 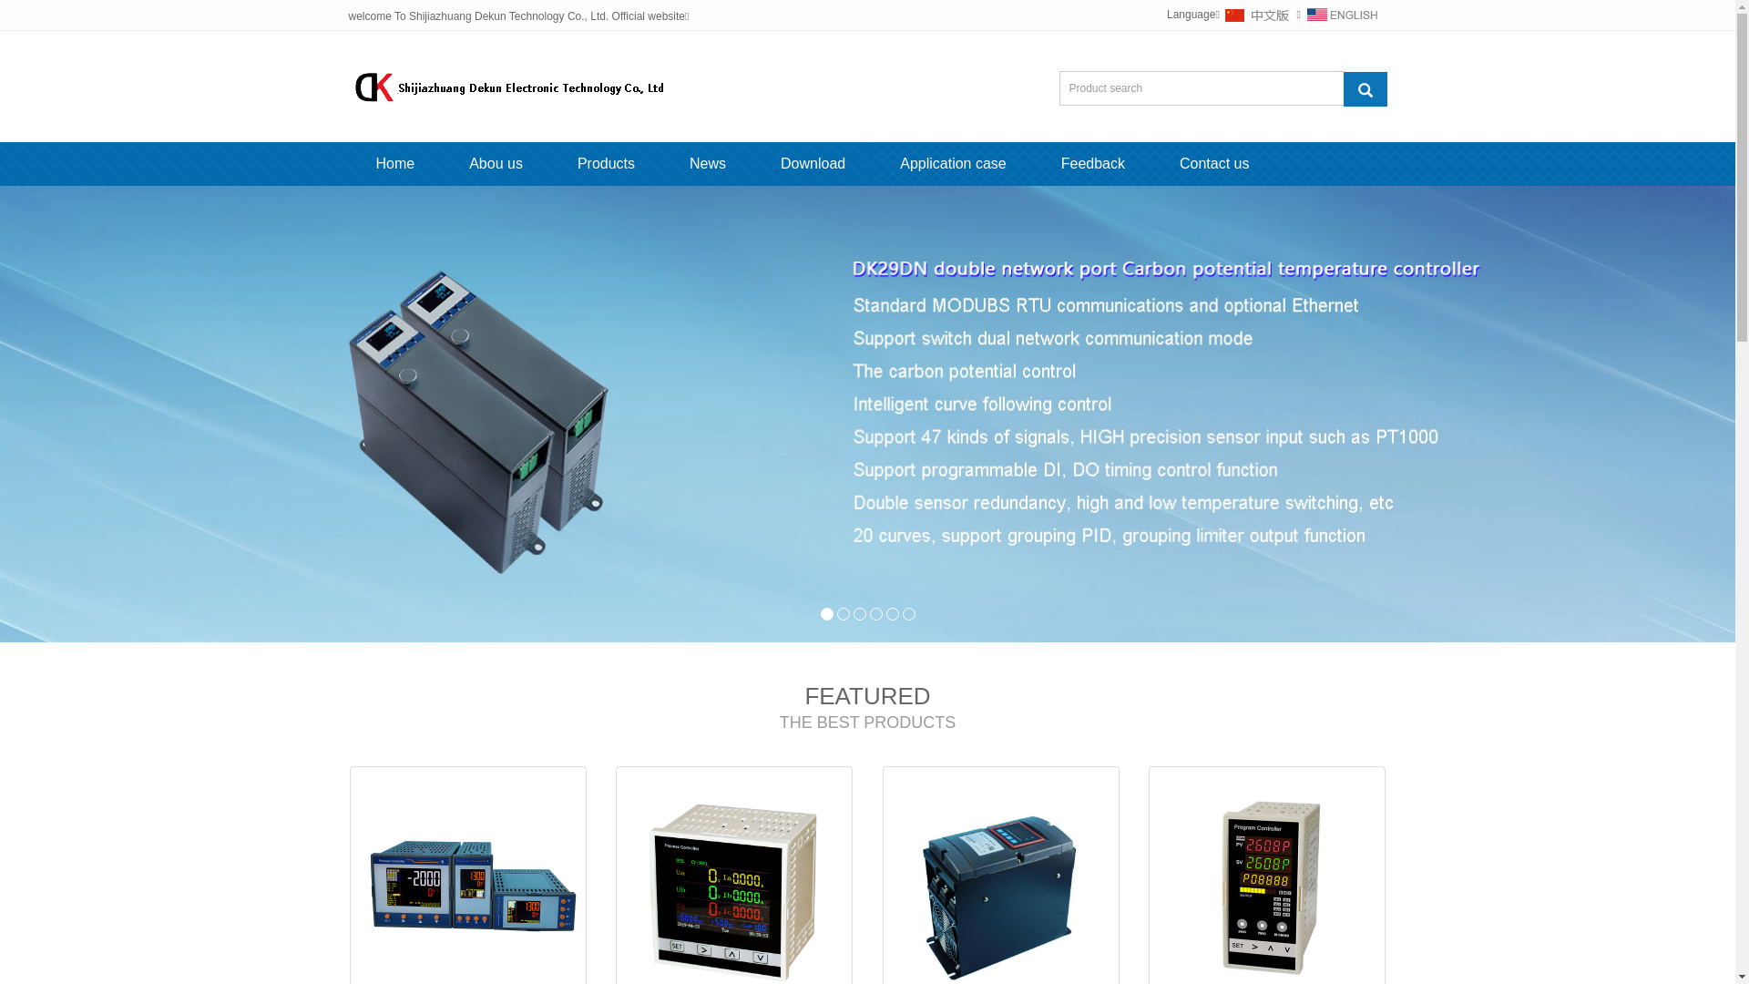 What do you see at coordinates (842, 614) in the screenshot?
I see `'2'` at bounding box center [842, 614].